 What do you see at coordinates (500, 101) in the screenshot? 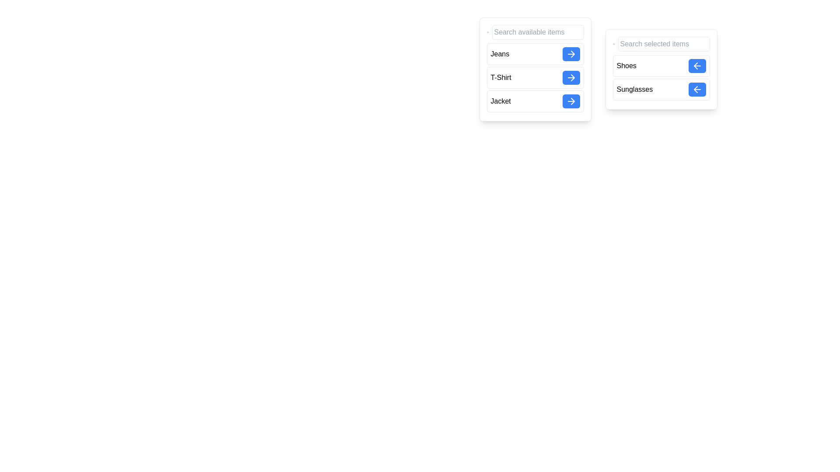
I see `the third visible text label in the left panel, which is positioned between 'T-Shirt' and a blue button with an arrow symbol` at bounding box center [500, 101].